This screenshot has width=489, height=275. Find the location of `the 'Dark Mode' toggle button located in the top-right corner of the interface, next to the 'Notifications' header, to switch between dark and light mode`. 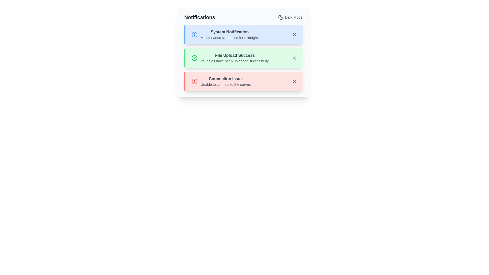

the 'Dark Mode' toggle button located in the top-right corner of the interface, next to the 'Notifications' header, to switch between dark and light mode is located at coordinates (290, 17).